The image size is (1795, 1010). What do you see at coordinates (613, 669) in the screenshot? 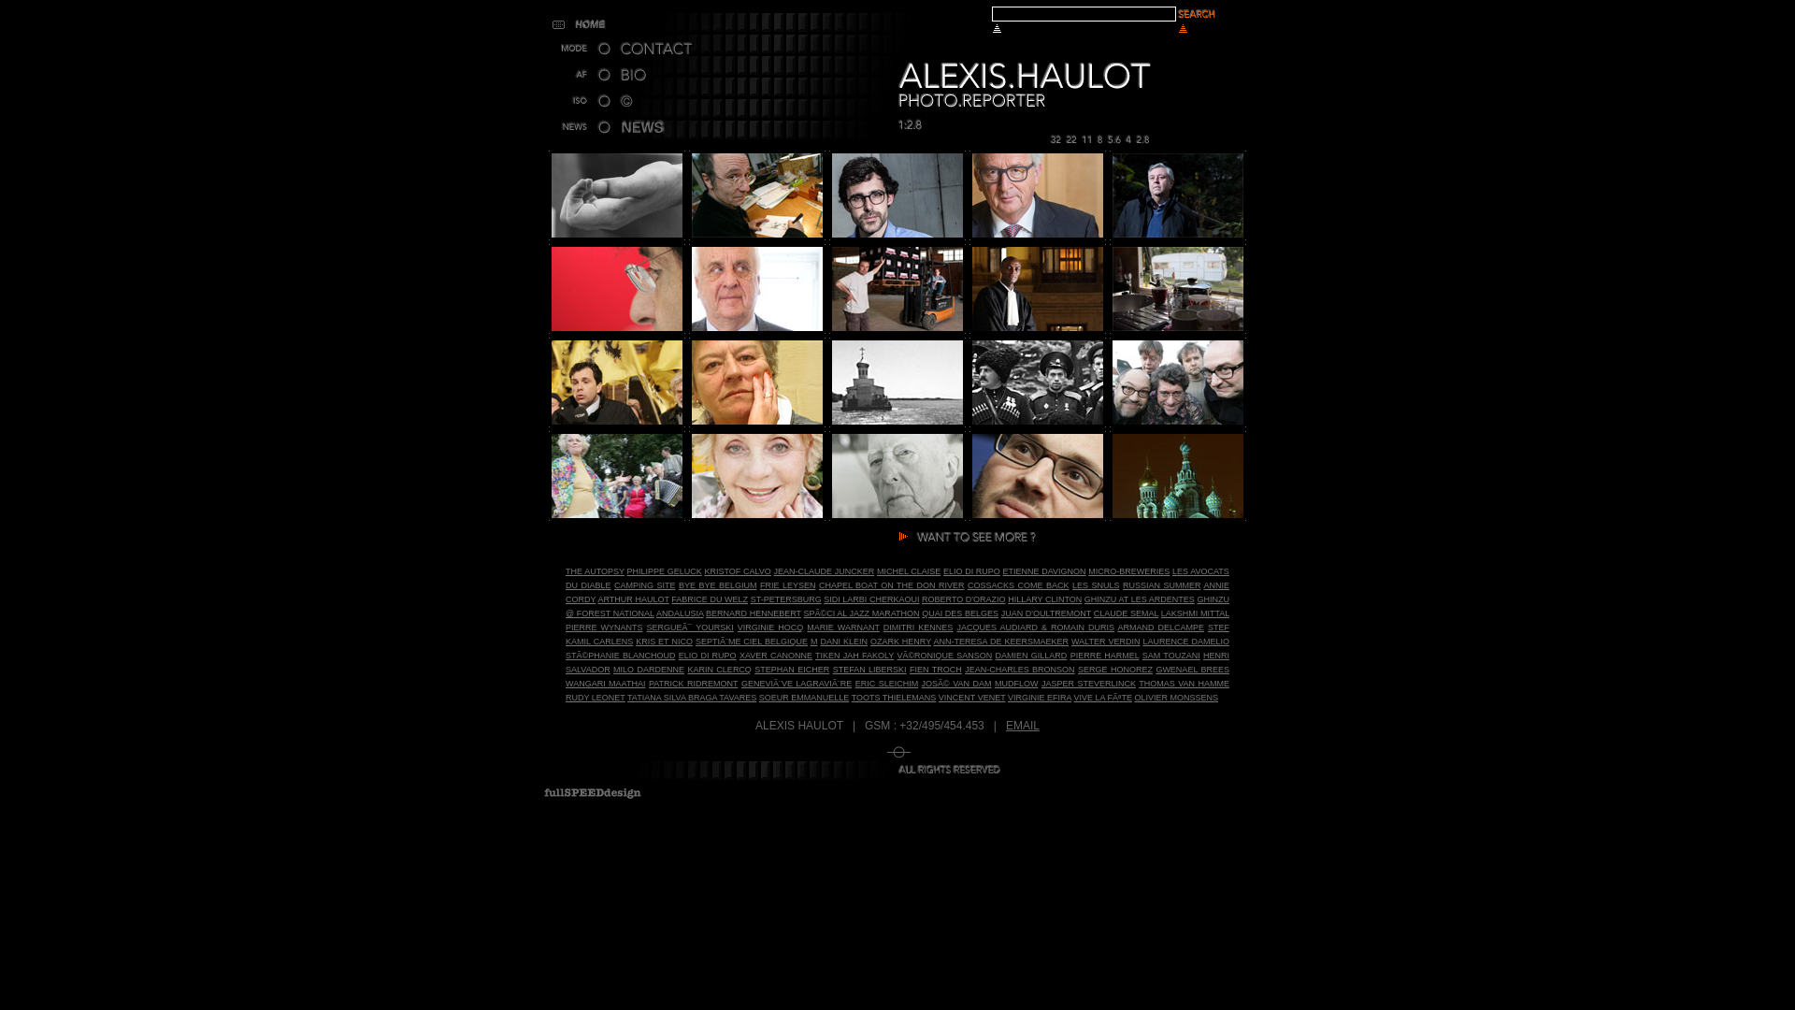
I see `'MILO DARDENNE'` at bounding box center [613, 669].